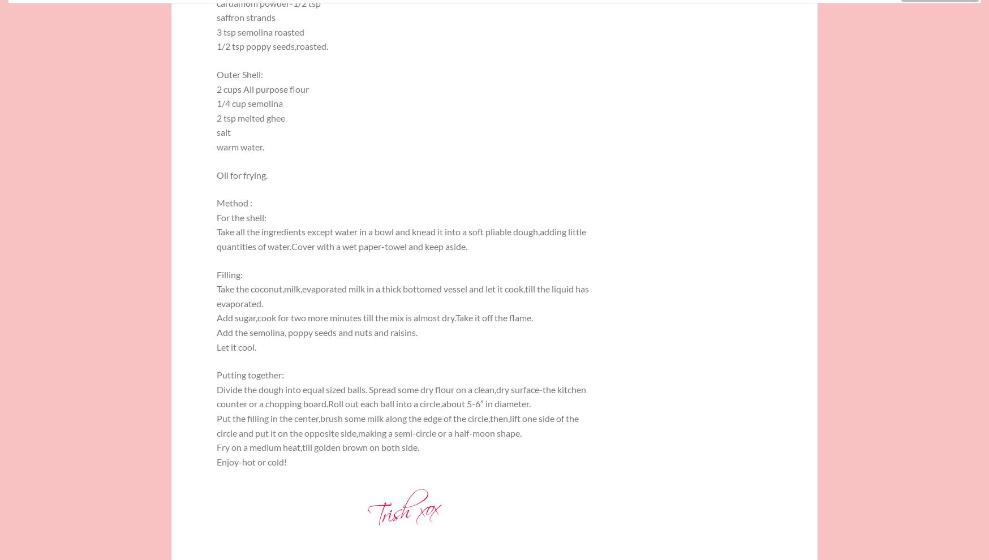 Image resolution: width=989 pixels, height=560 pixels. I want to click on '2 tsp melted ghee', so click(250, 117).